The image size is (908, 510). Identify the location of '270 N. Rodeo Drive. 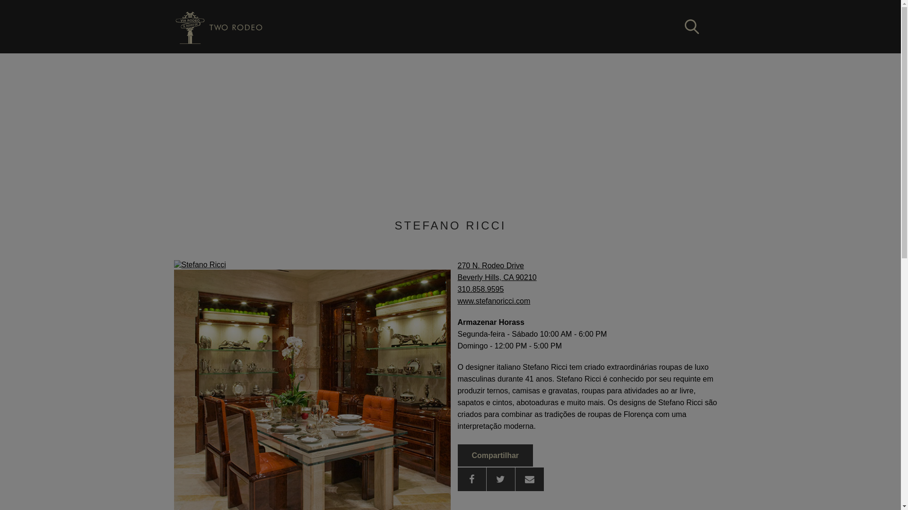
(497, 271).